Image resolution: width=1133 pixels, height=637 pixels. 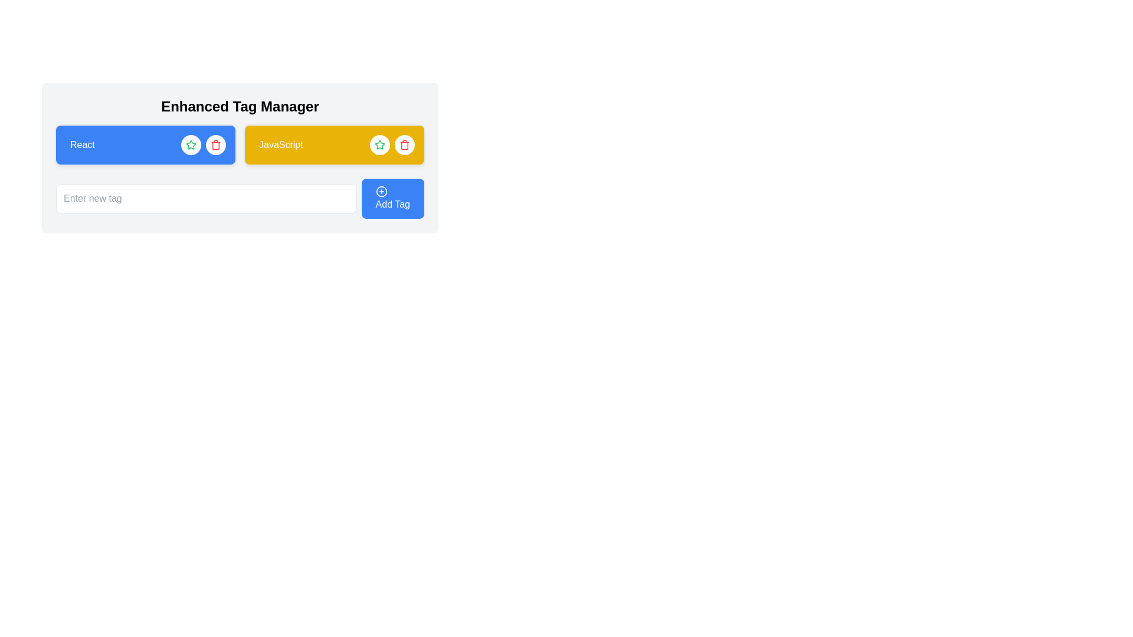 What do you see at coordinates (405, 145) in the screenshot?
I see `the trash can body icon, which signifies a delete action and is located next to the yellow-colored 'JavaScript' tag` at bounding box center [405, 145].